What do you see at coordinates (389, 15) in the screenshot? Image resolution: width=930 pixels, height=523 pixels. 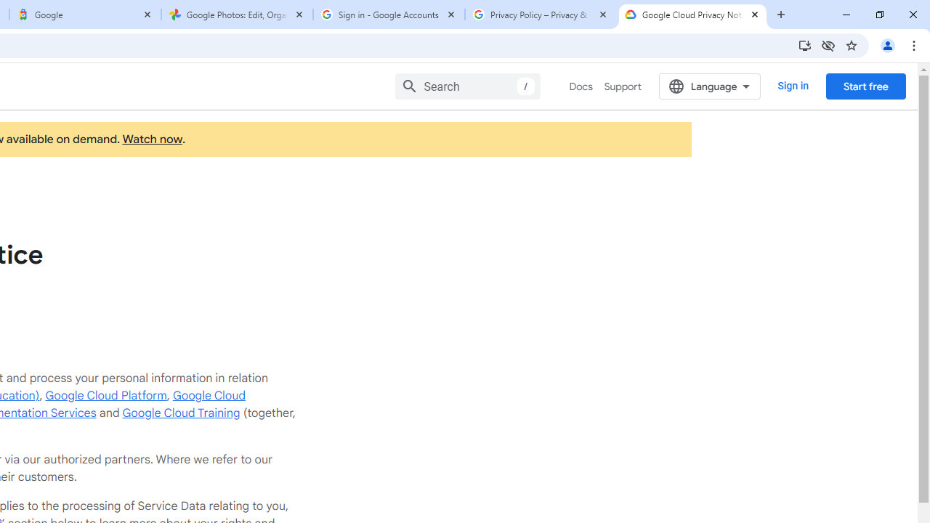 I see `'Sign in - Google Accounts'` at bounding box center [389, 15].